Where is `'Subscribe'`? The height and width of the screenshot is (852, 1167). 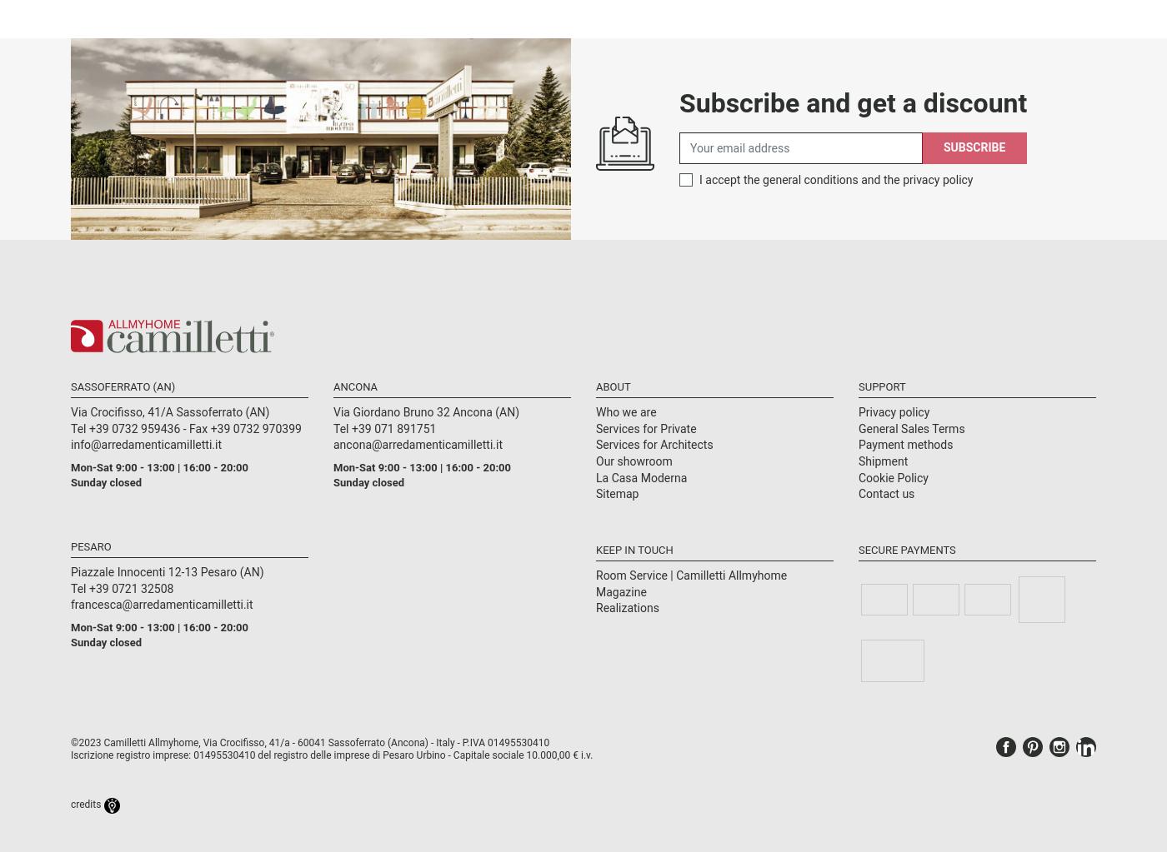
'Subscribe' is located at coordinates (974, 147).